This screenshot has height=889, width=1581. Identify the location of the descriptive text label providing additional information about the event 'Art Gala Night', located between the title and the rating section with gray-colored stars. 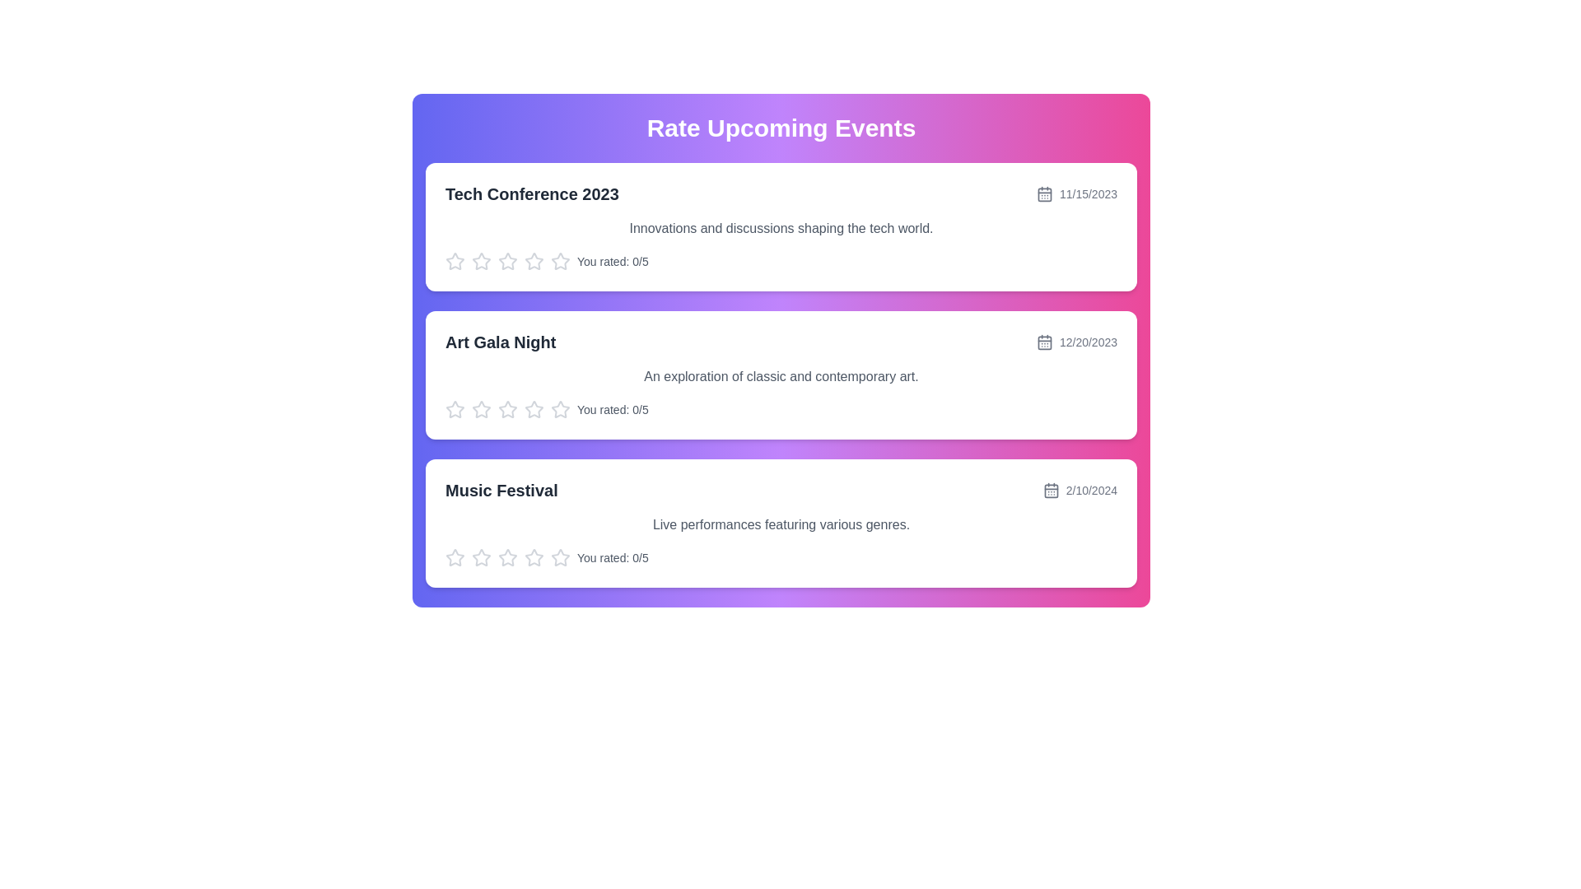
(781, 377).